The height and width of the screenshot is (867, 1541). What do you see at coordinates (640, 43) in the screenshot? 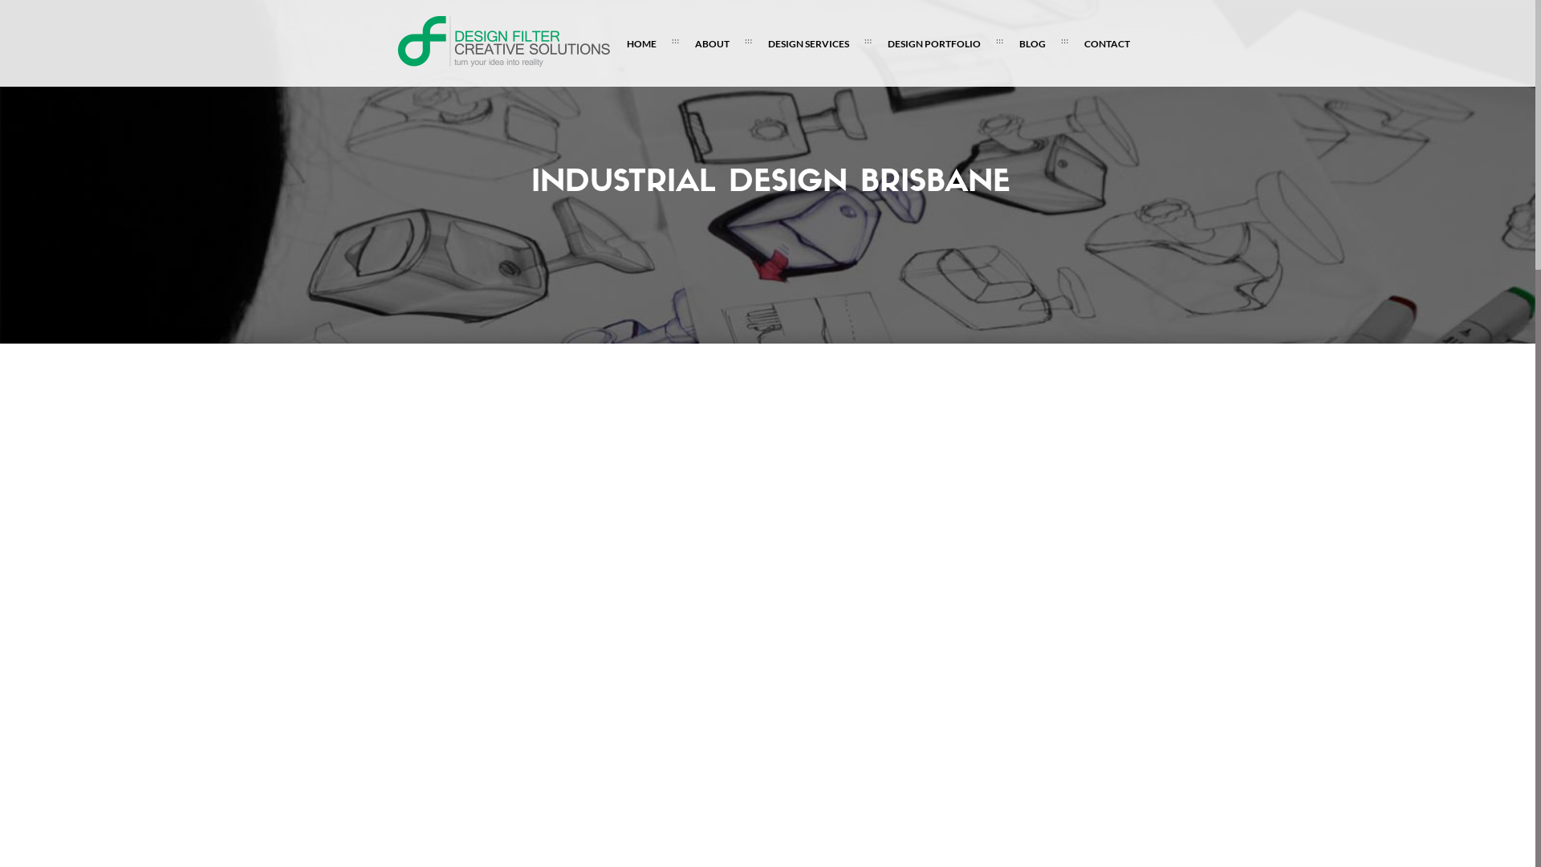
I see `'HOME'` at bounding box center [640, 43].